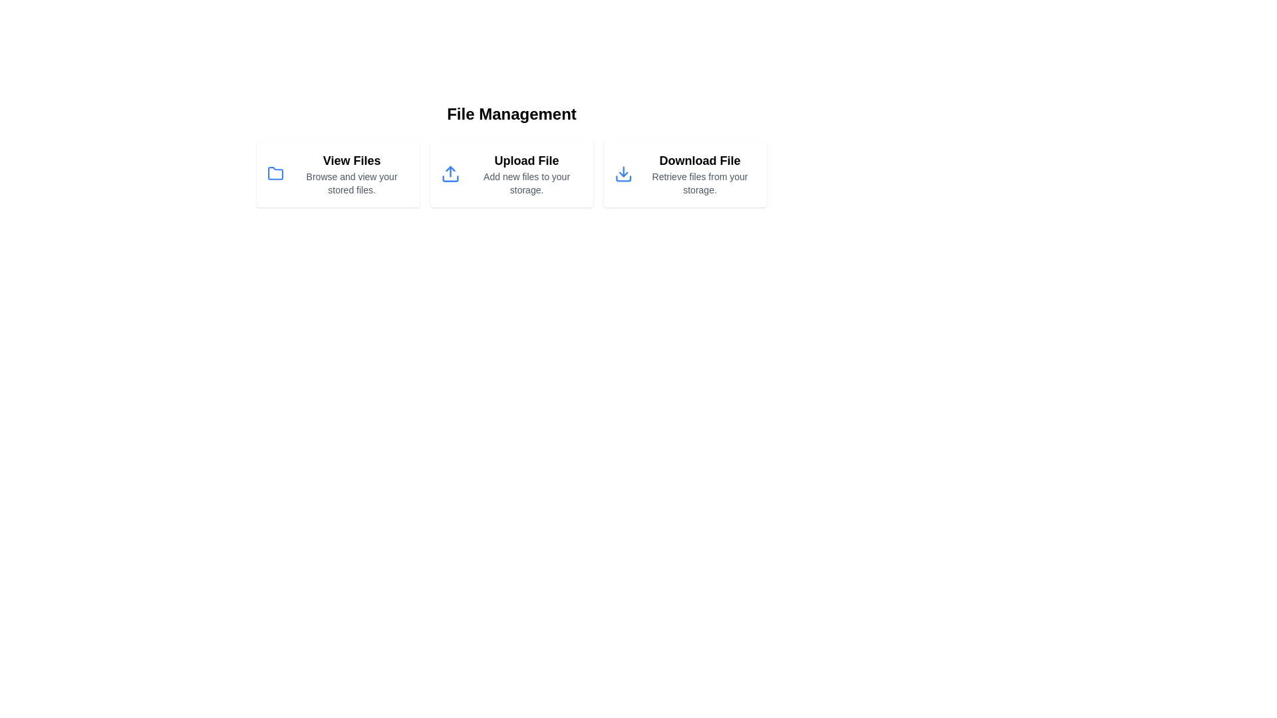 This screenshot has width=1277, height=718. Describe the element at coordinates (352, 183) in the screenshot. I see `the informational text located within the 'View Files' card, which provides supplementary information about the feature, positioned below the title section` at that location.